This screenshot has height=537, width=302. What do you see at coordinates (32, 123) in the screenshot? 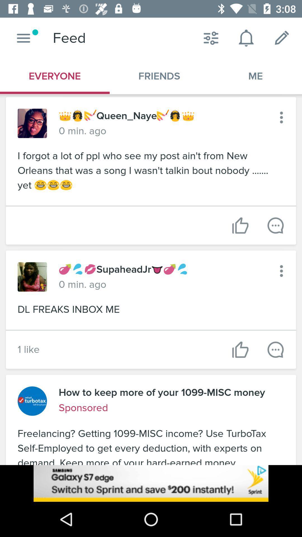
I see `image` at bounding box center [32, 123].